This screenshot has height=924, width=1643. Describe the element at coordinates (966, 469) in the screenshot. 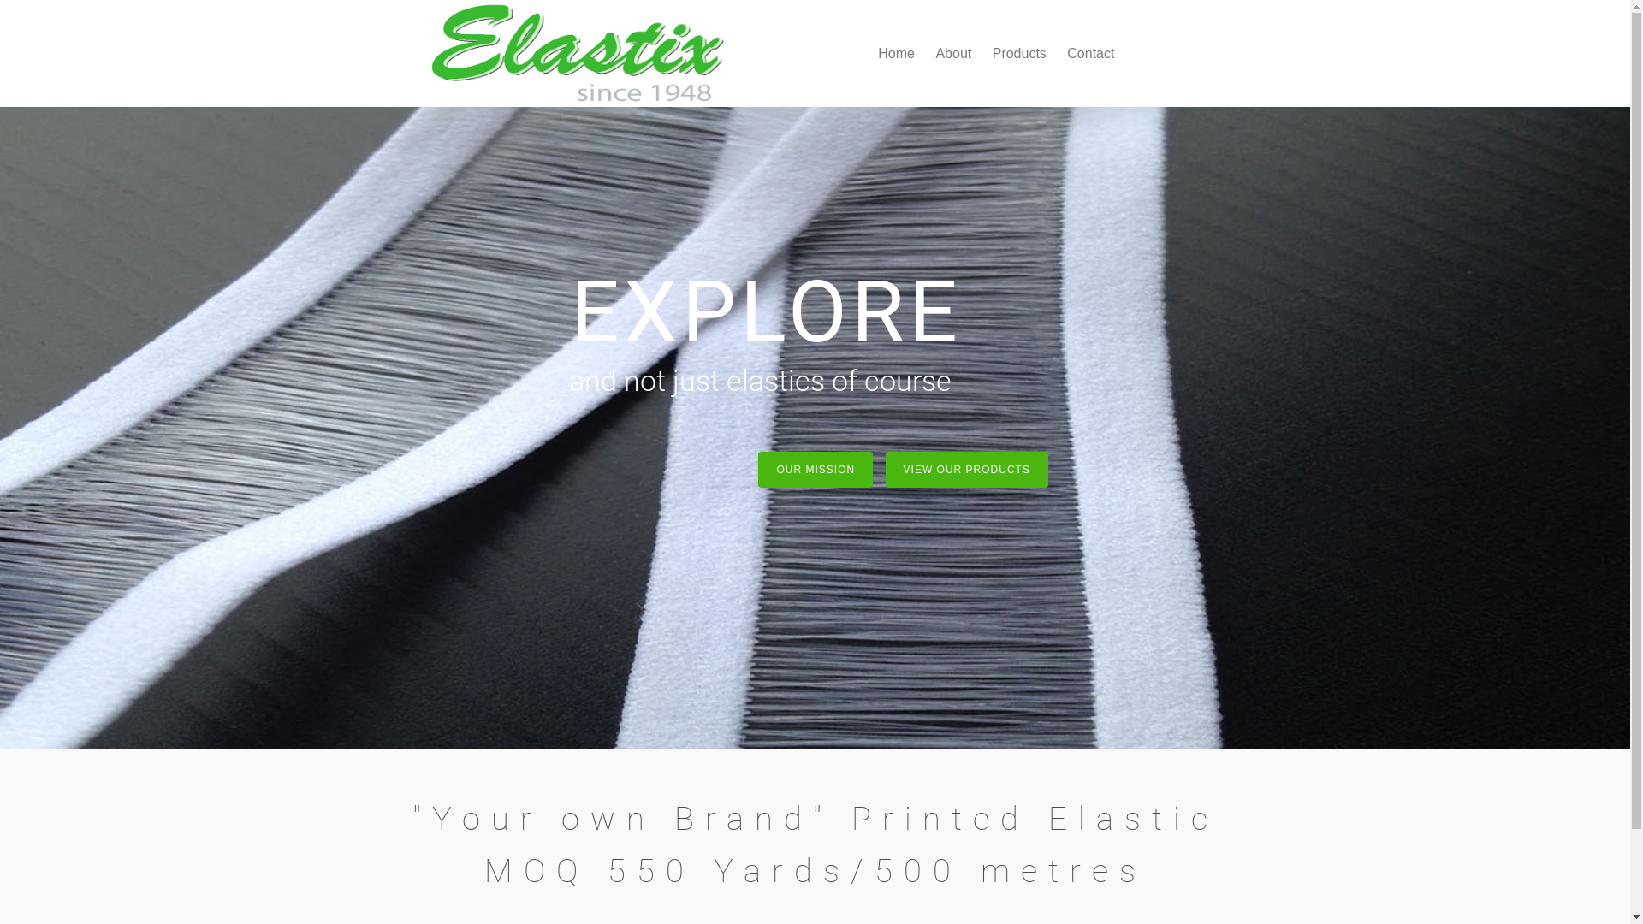

I see `'VIEW OUR PRODUCTS'` at that location.